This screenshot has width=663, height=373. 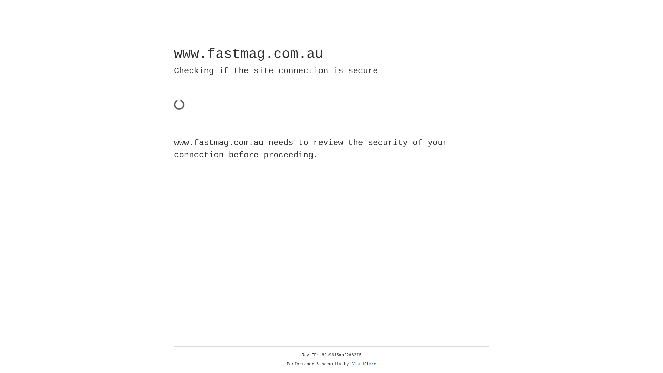 What do you see at coordinates (364, 364) in the screenshot?
I see `'Cloudflare'` at bounding box center [364, 364].